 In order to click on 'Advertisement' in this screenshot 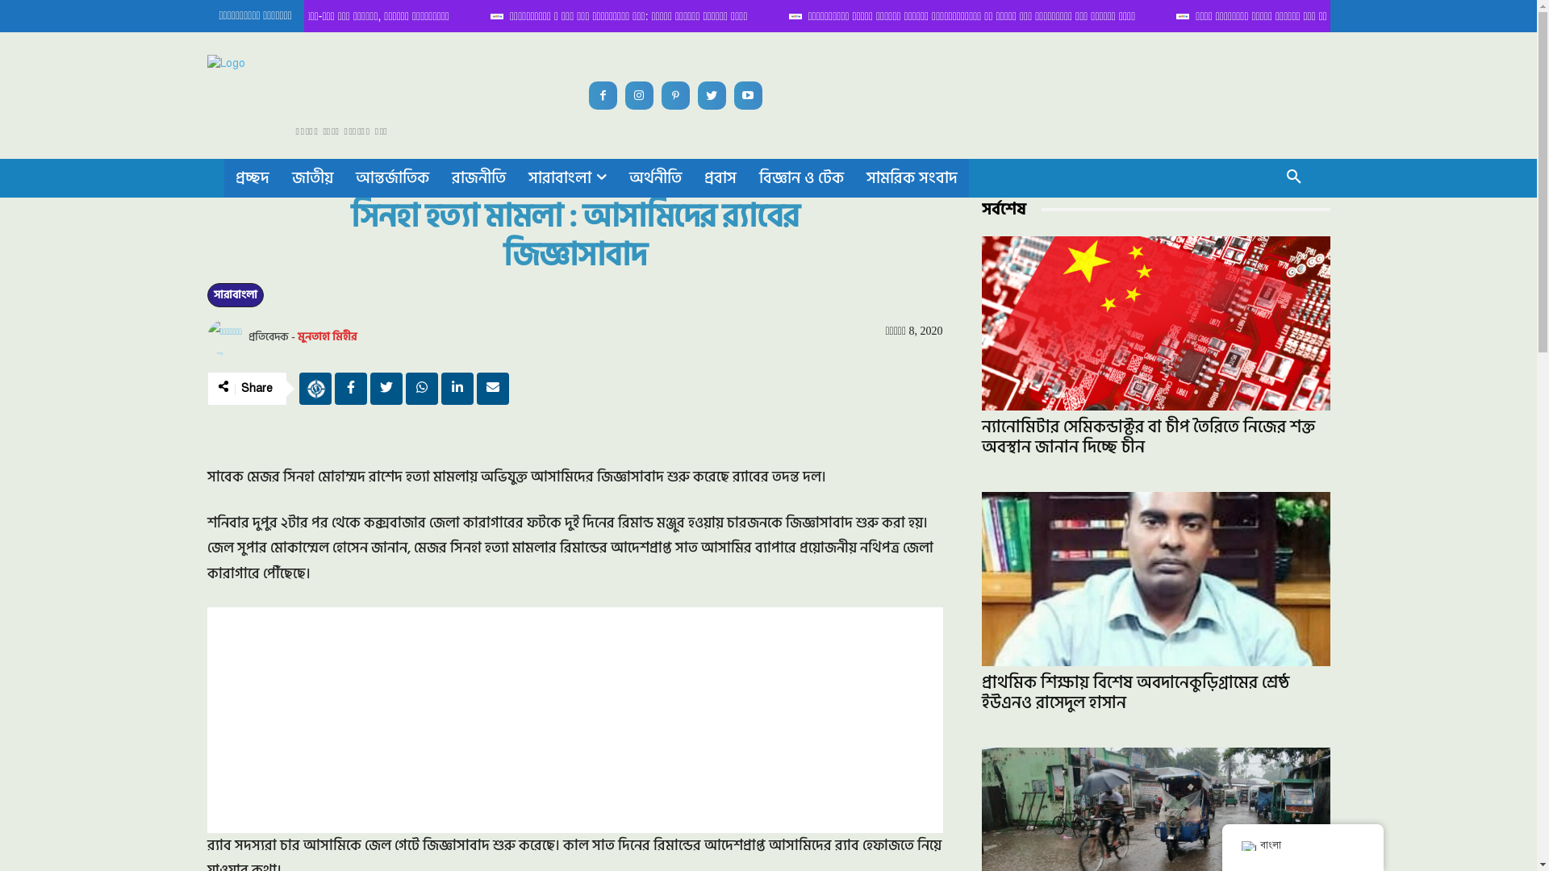, I will do `click(205, 719)`.